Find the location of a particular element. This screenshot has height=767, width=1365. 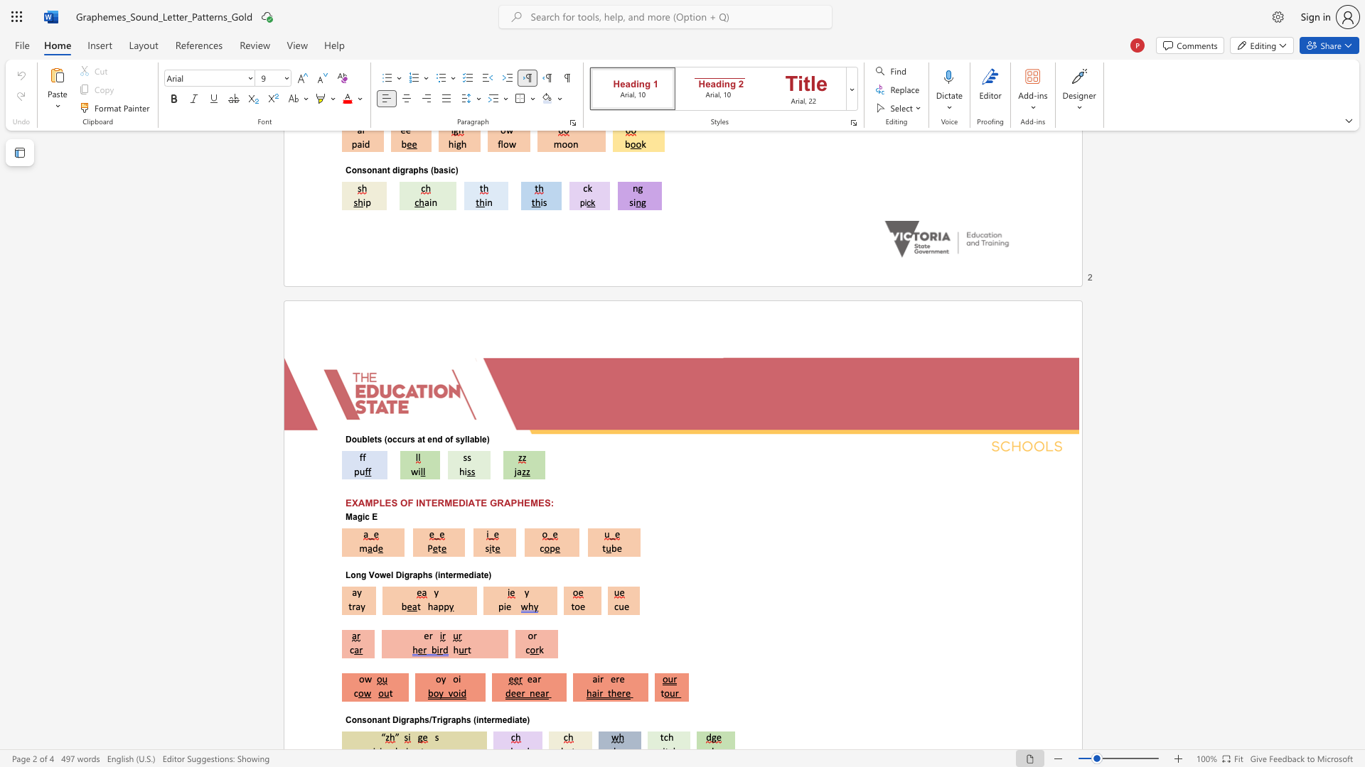

the subset text "e)" within the text "Long Vowel Digraphs (intermediate)" is located at coordinates (483, 574).